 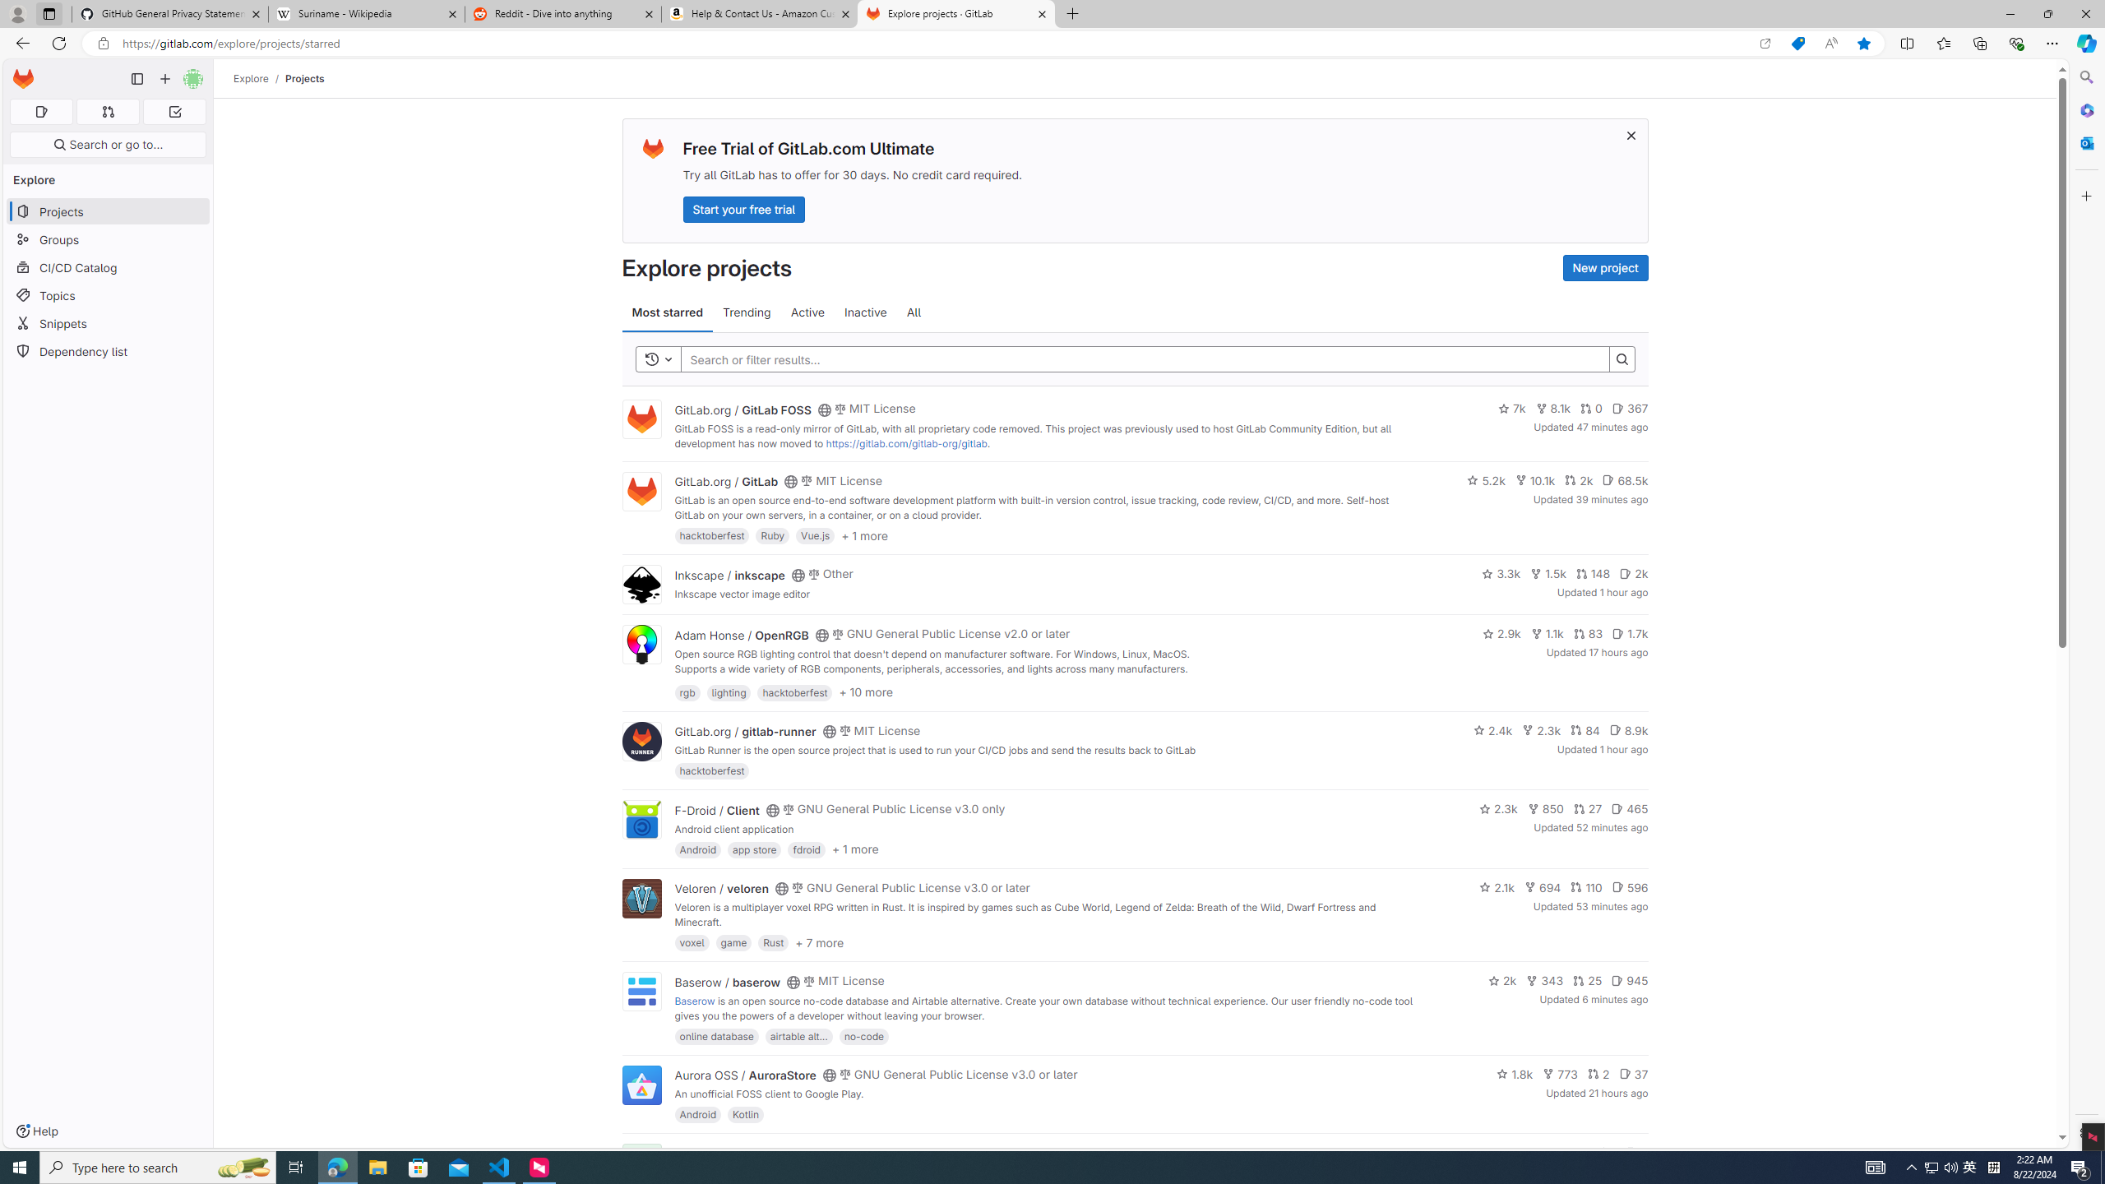 What do you see at coordinates (1485, 479) in the screenshot?
I see `'5.2k'` at bounding box center [1485, 479].